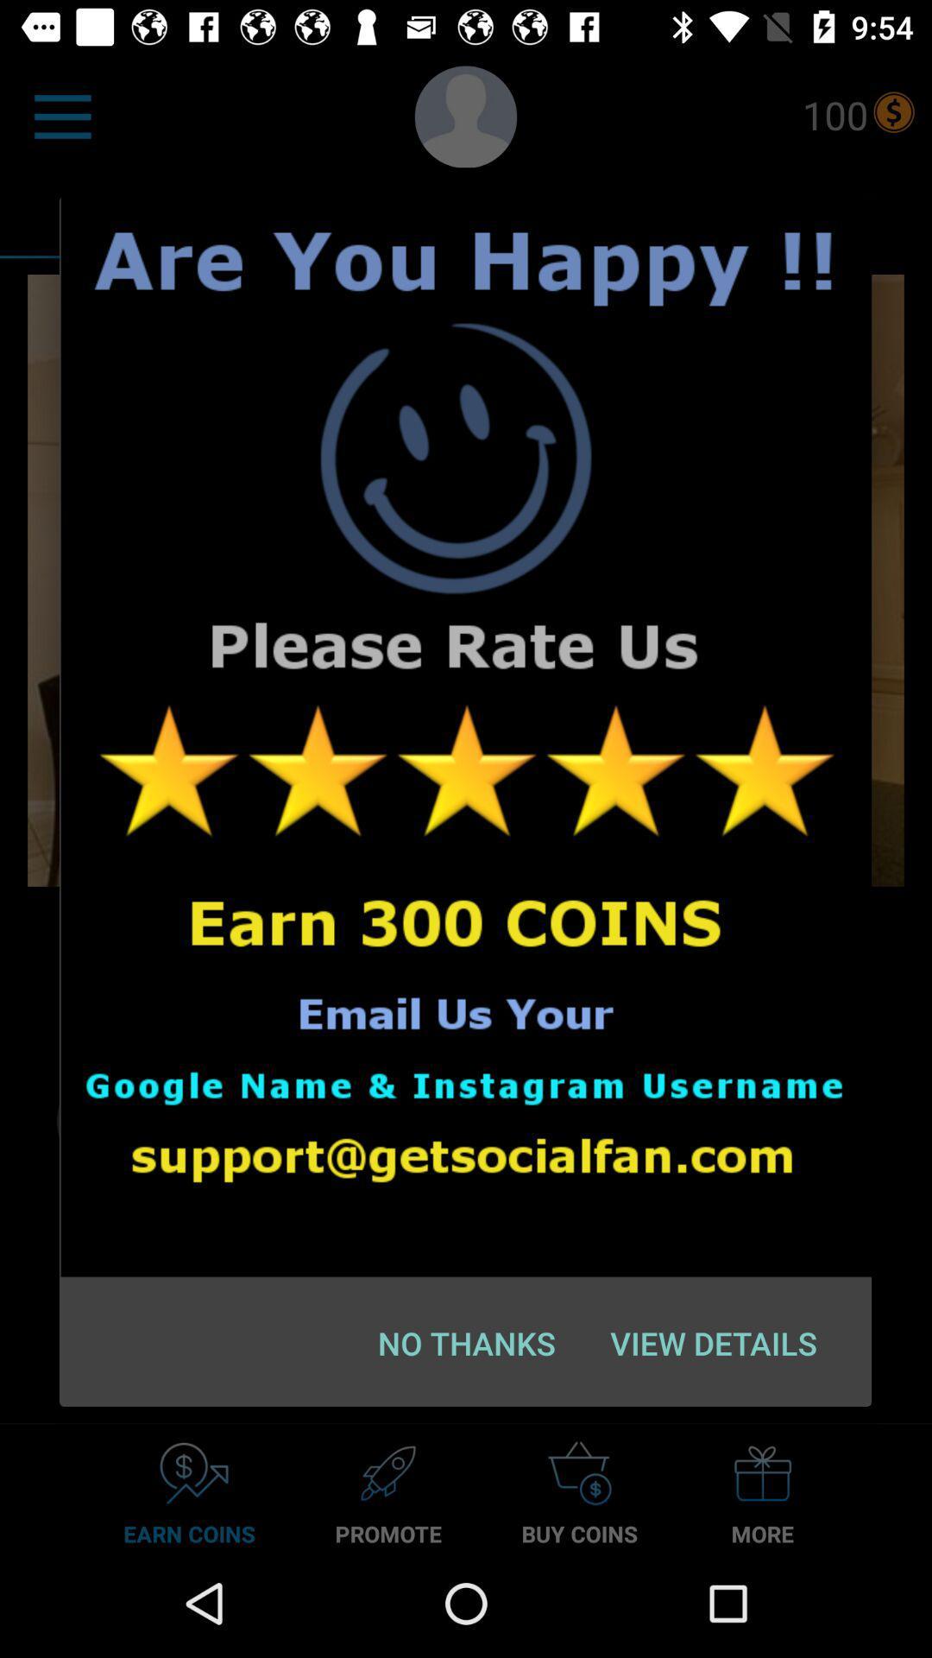 The width and height of the screenshot is (932, 1658). Describe the element at coordinates (467, 1342) in the screenshot. I see `no thanks at the bottom` at that location.